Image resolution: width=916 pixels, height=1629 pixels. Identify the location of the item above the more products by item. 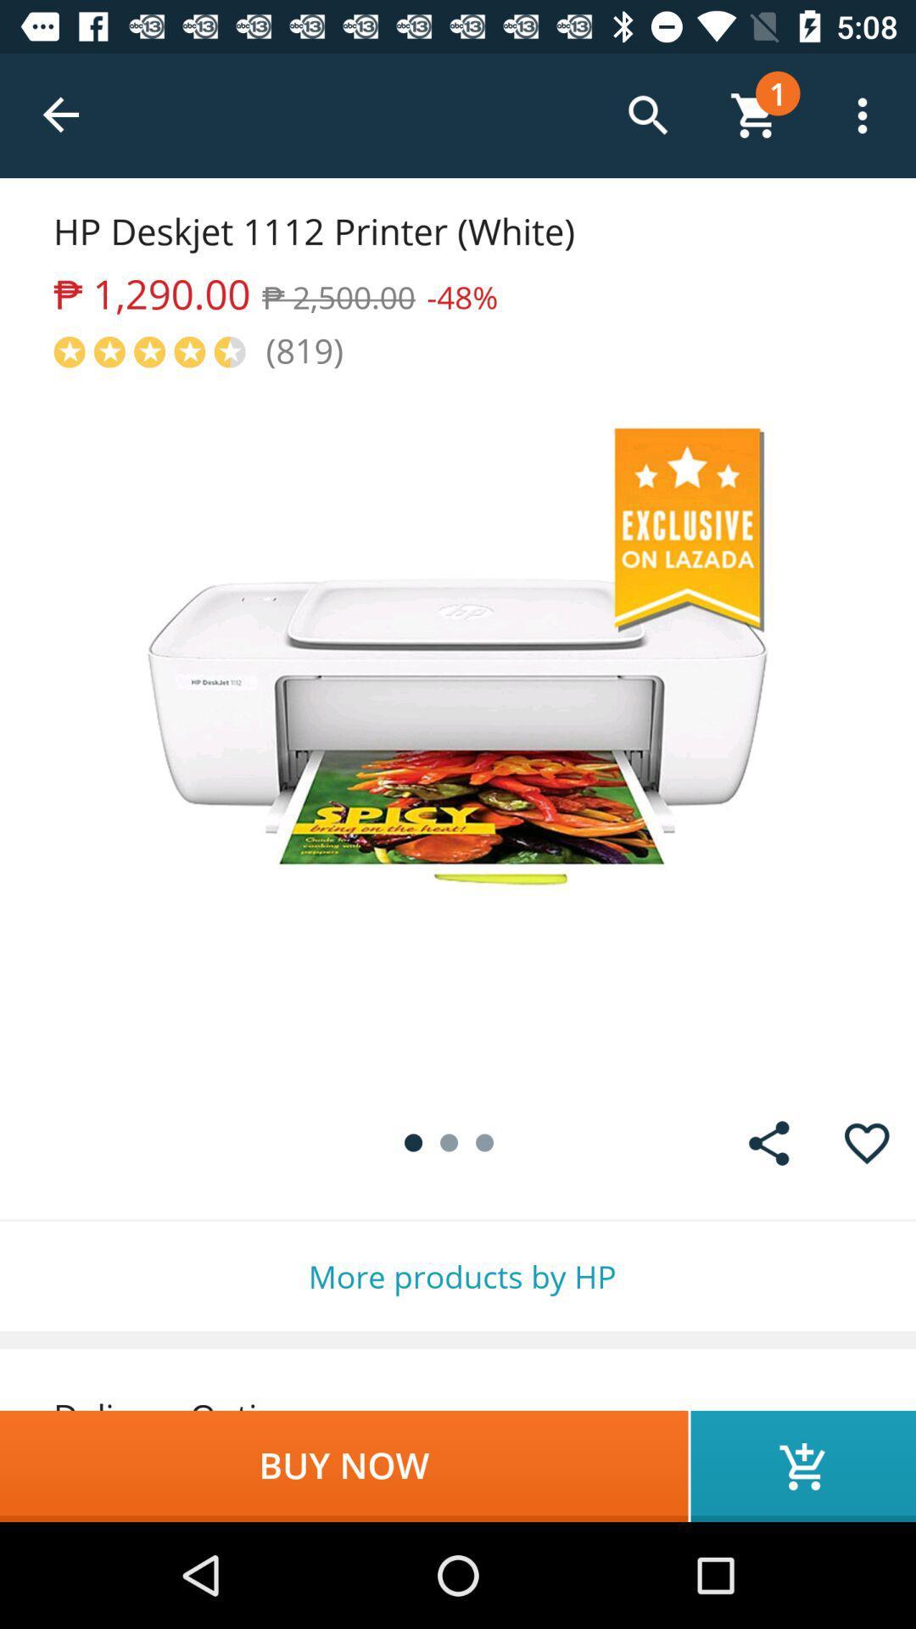
(867, 1143).